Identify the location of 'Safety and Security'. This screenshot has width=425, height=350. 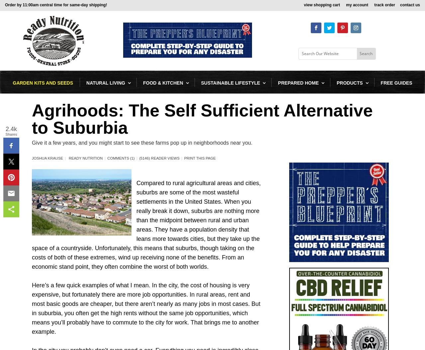
(311, 226).